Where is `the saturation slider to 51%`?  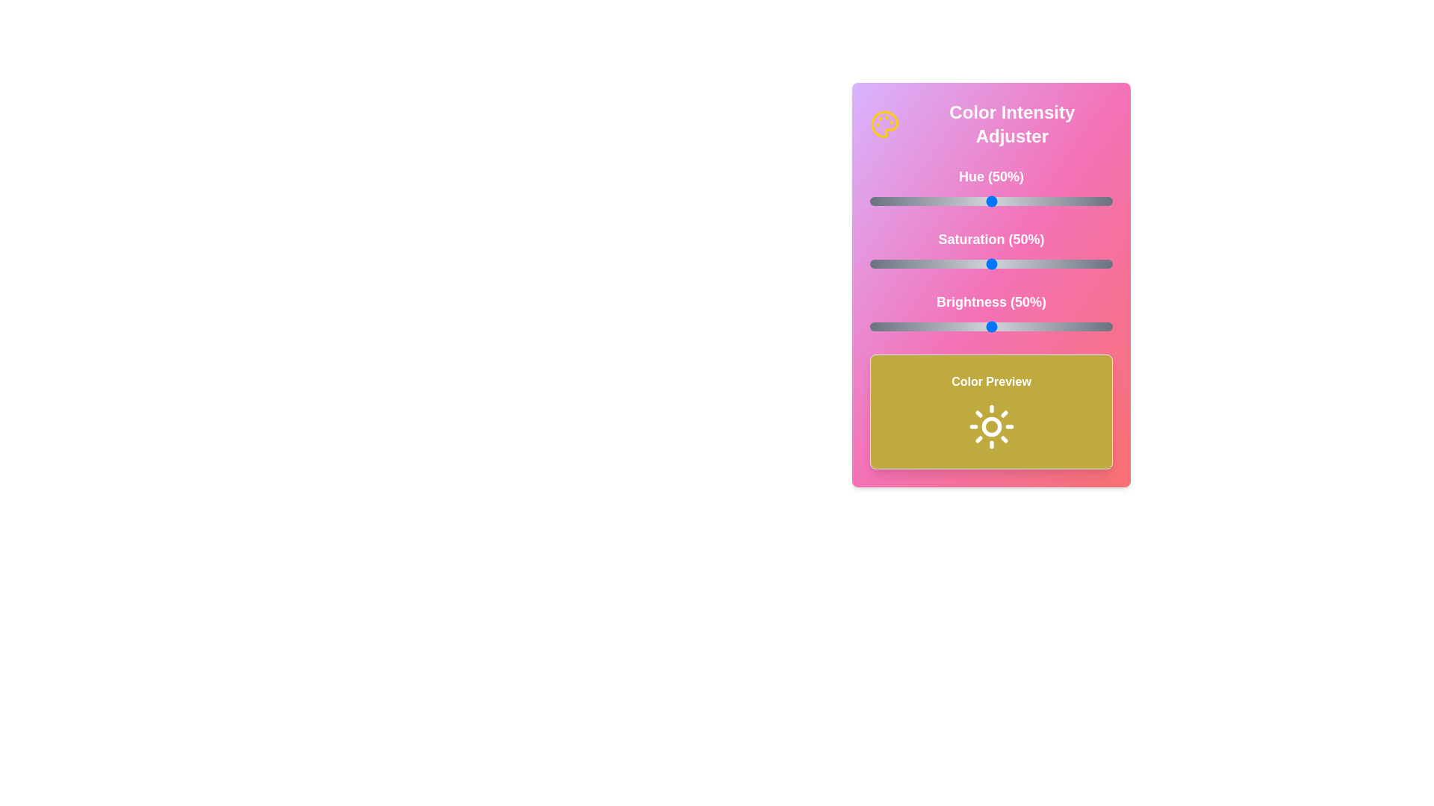 the saturation slider to 51% is located at coordinates (993, 263).